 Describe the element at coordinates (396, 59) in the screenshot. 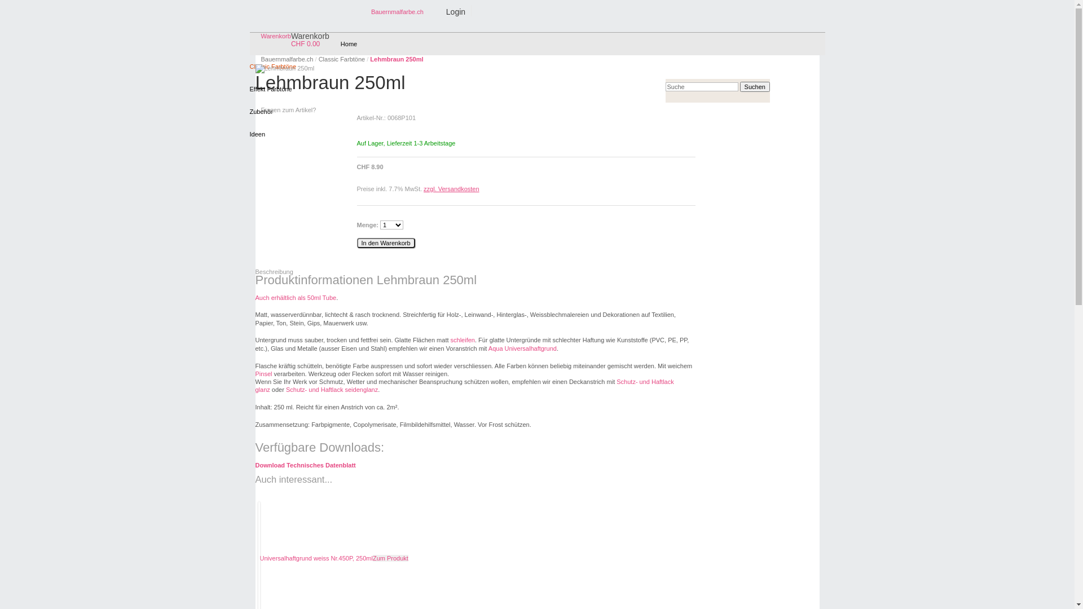

I see `'Lehmbraun 250ml'` at that location.